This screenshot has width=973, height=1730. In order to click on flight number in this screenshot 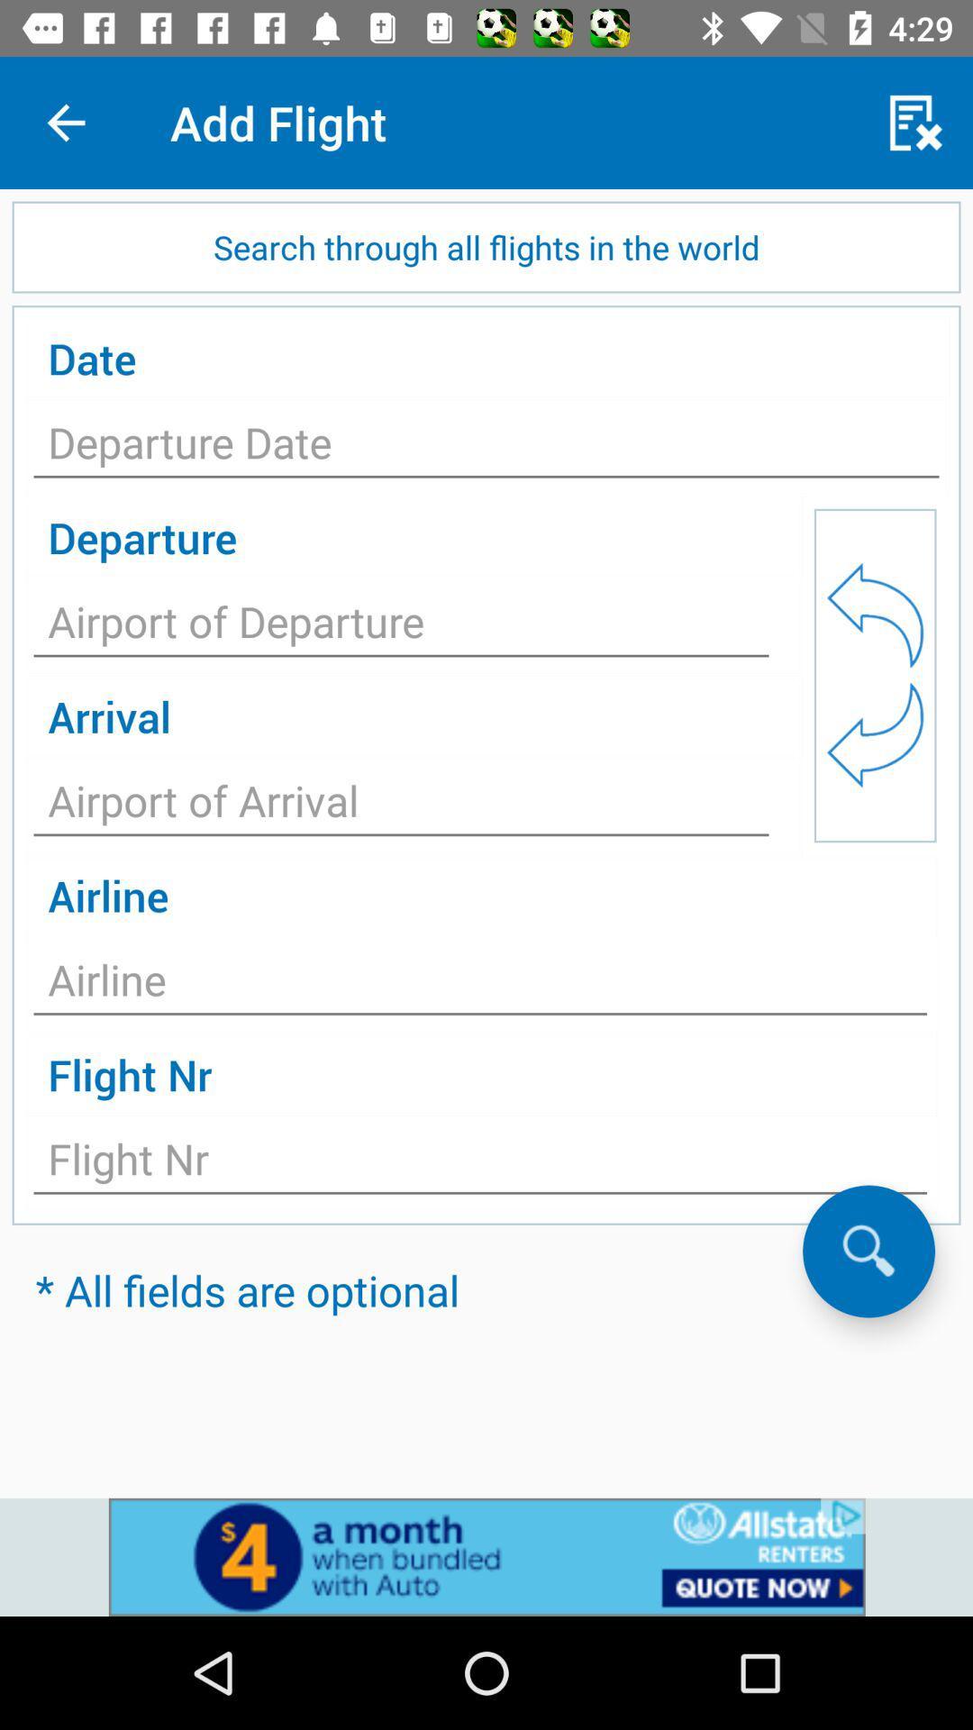, I will do `click(479, 1164)`.